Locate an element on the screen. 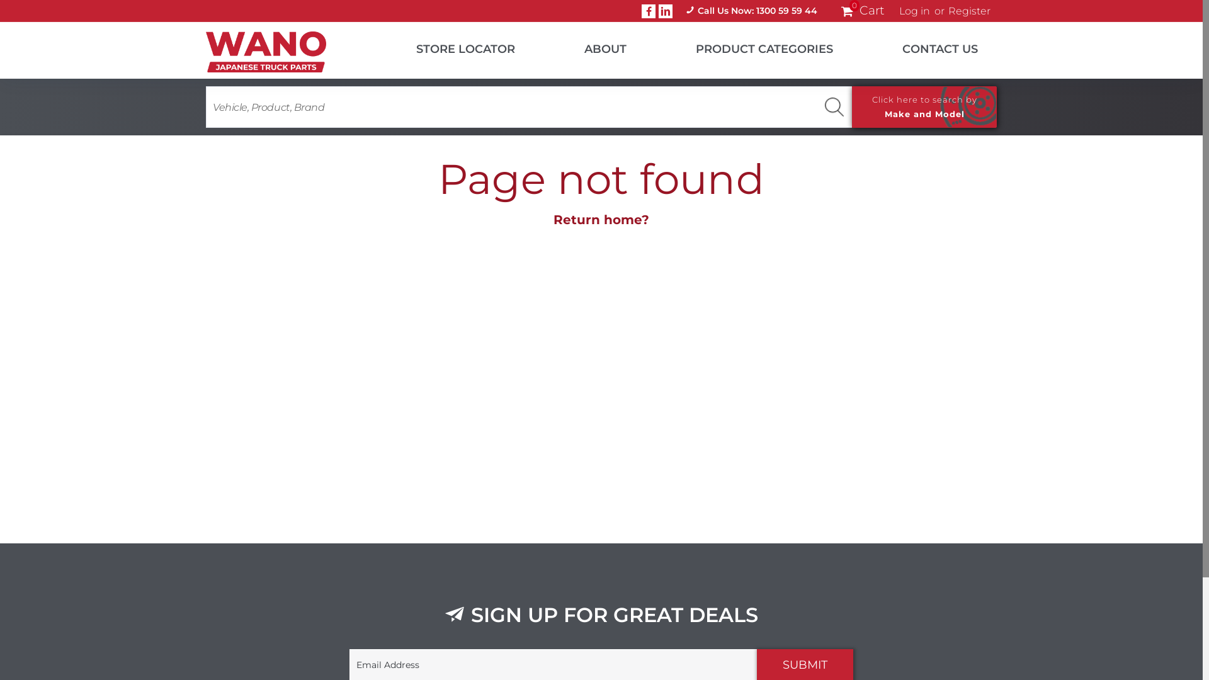  'Register' is located at coordinates (968, 11).